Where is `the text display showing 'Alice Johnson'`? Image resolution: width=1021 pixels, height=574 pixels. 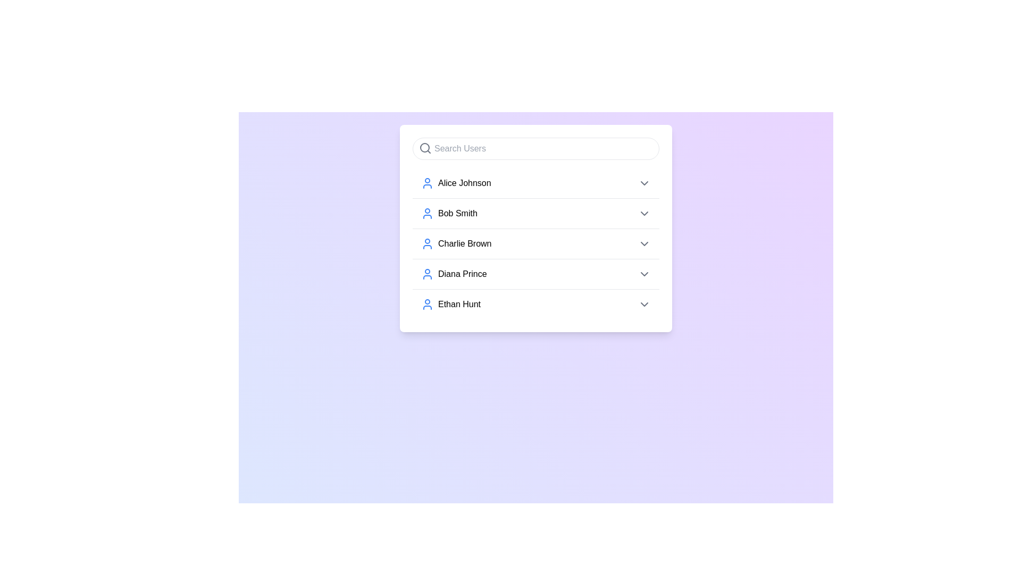 the text display showing 'Alice Johnson' is located at coordinates (464, 182).